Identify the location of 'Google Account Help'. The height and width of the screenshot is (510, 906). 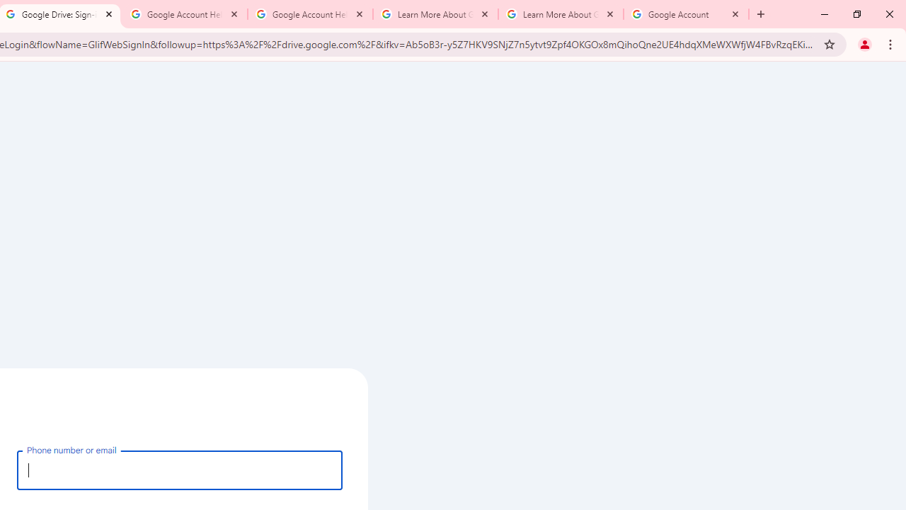
(309, 14).